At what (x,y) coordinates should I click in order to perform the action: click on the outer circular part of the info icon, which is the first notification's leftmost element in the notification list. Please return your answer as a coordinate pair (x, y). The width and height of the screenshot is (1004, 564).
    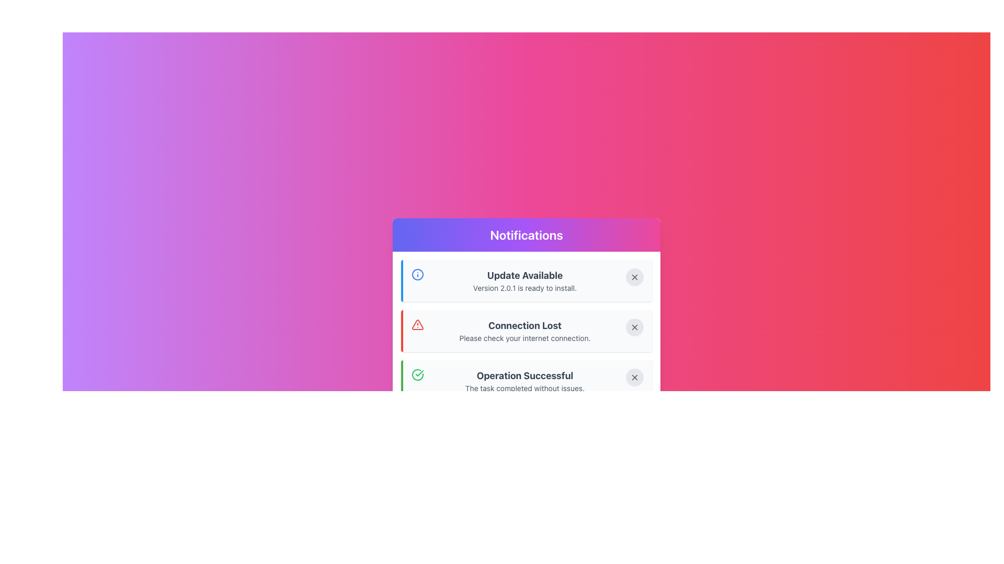
    Looking at the image, I should click on (417, 274).